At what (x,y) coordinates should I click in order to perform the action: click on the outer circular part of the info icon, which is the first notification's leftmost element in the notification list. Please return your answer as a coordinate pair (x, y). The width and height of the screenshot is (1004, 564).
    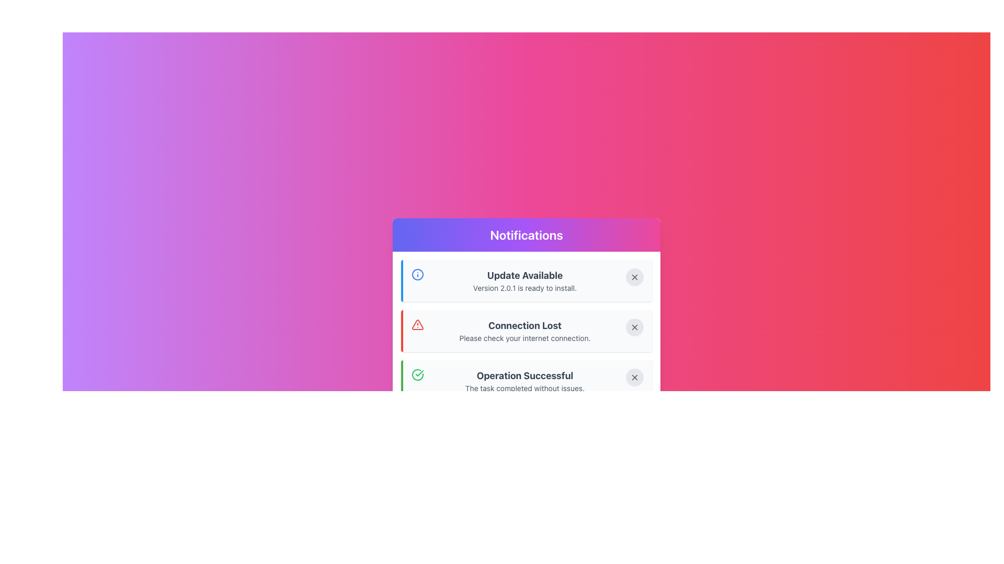
    Looking at the image, I should click on (417, 274).